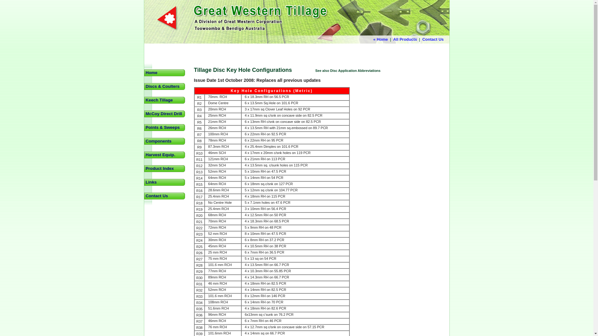 This screenshot has height=336, width=598. Describe the element at coordinates (165, 100) in the screenshot. I see `'Keech Tillage'` at that location.